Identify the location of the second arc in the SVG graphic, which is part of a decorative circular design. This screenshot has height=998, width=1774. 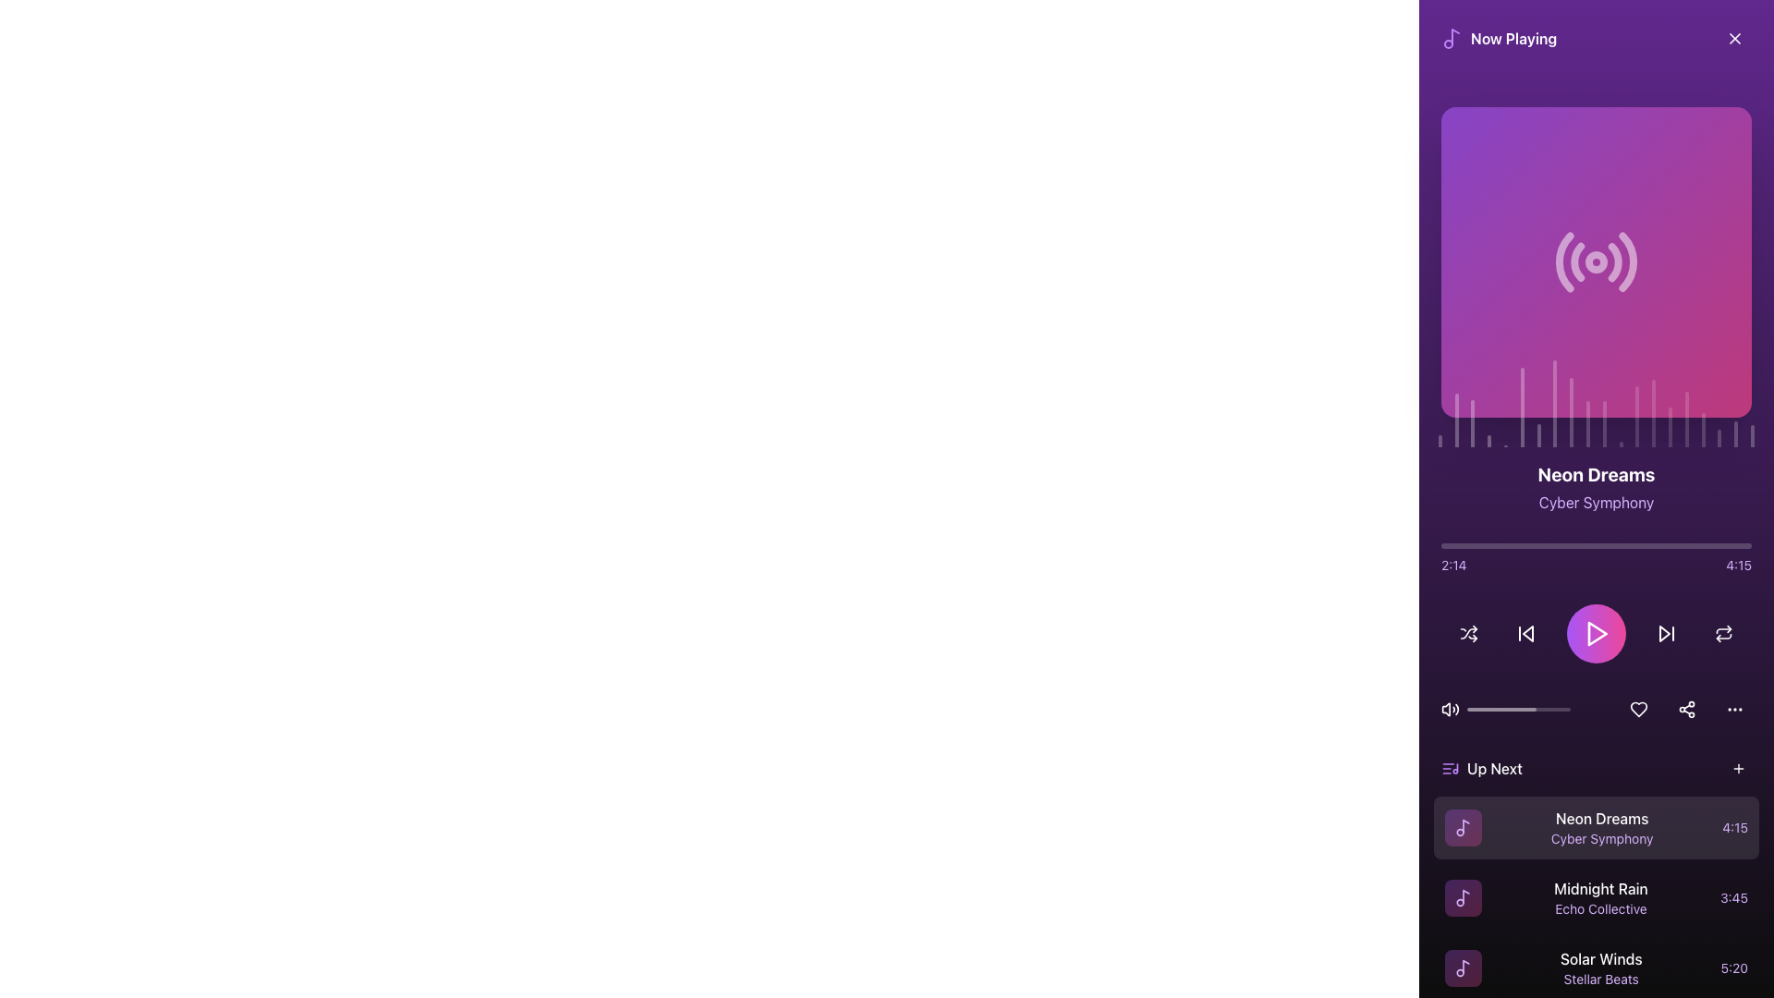
(1576, 262).